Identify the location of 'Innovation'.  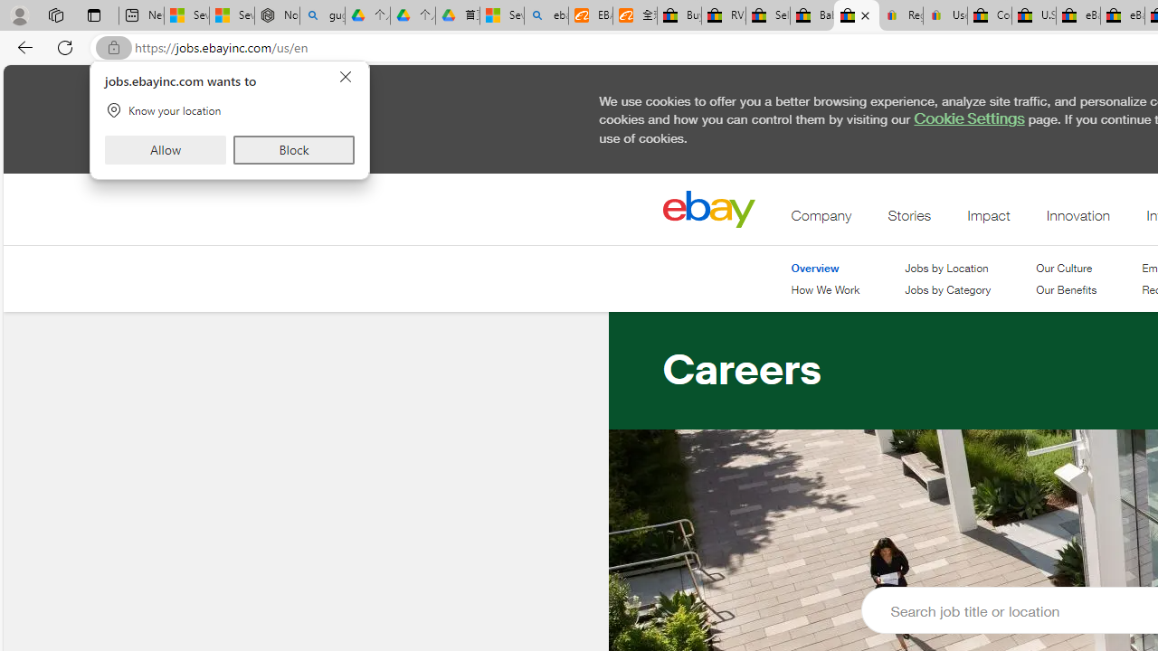
(1077, 219).